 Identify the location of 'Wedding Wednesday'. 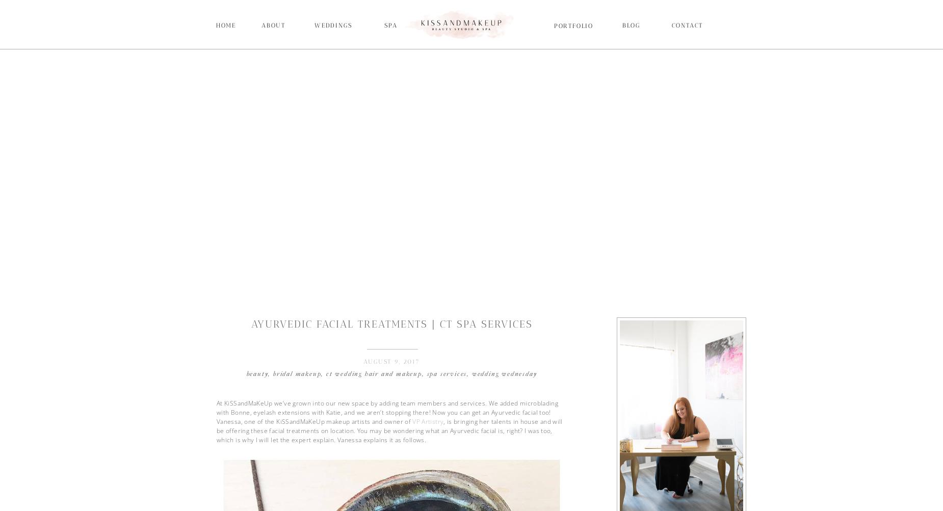
(471, 373).